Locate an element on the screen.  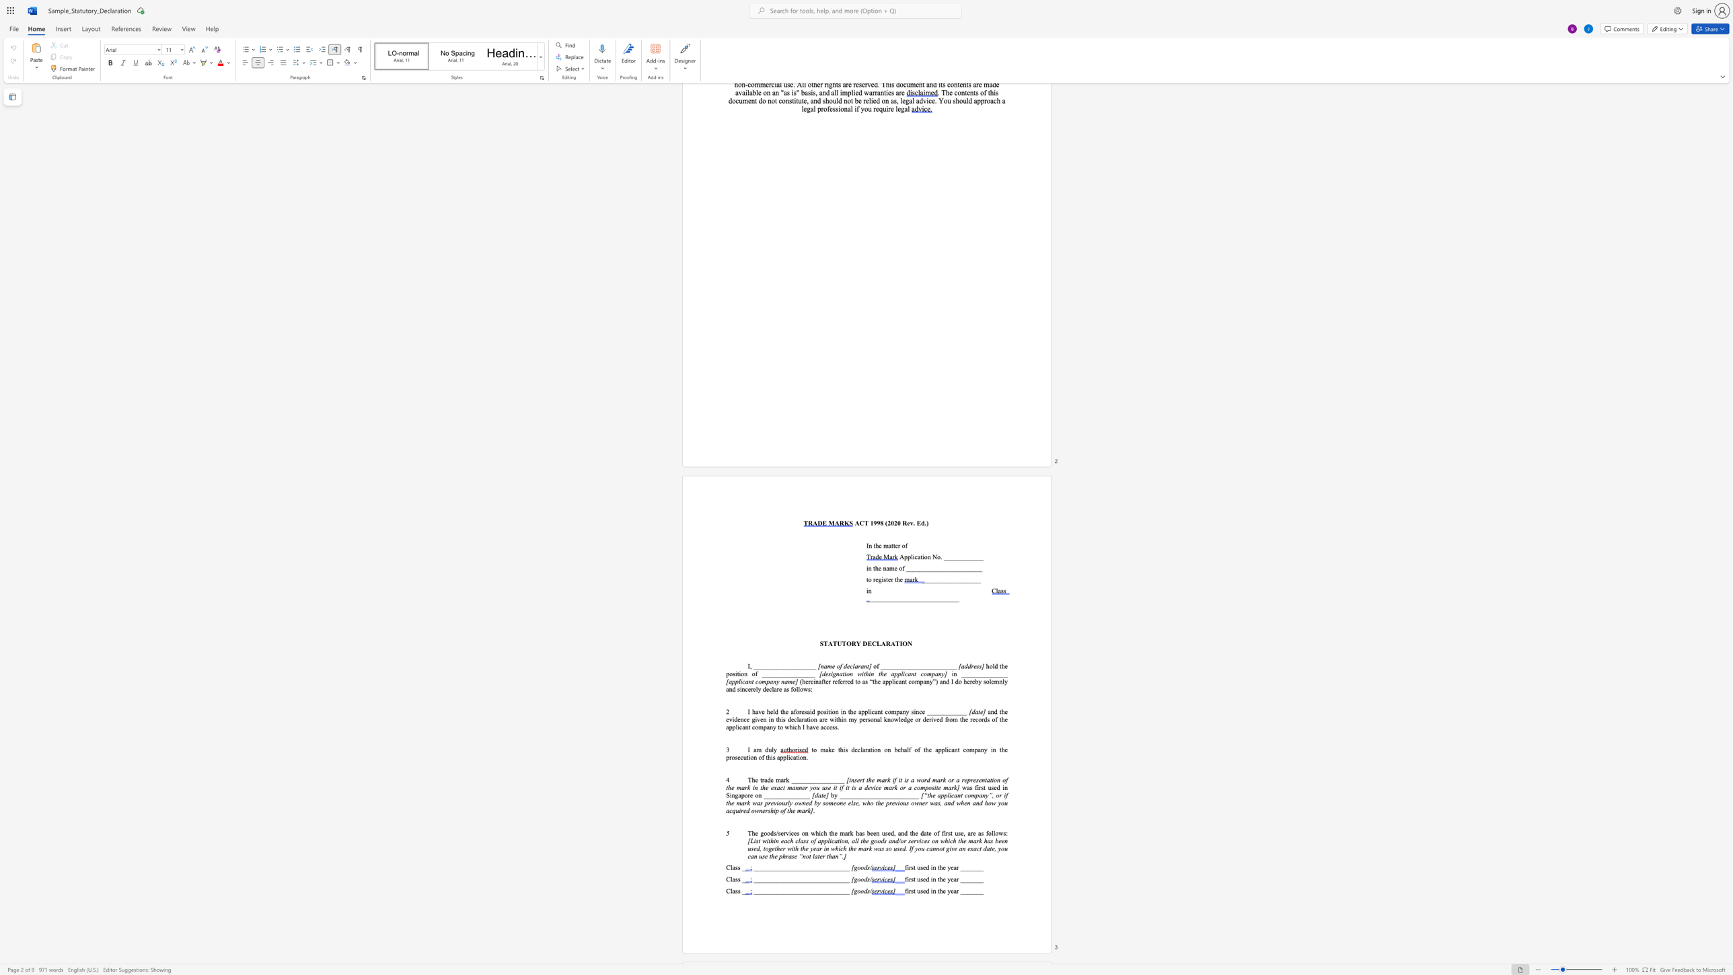
the subset text "k _______" within the text "The trade mark ________________" is located at coordinates (785, 780).